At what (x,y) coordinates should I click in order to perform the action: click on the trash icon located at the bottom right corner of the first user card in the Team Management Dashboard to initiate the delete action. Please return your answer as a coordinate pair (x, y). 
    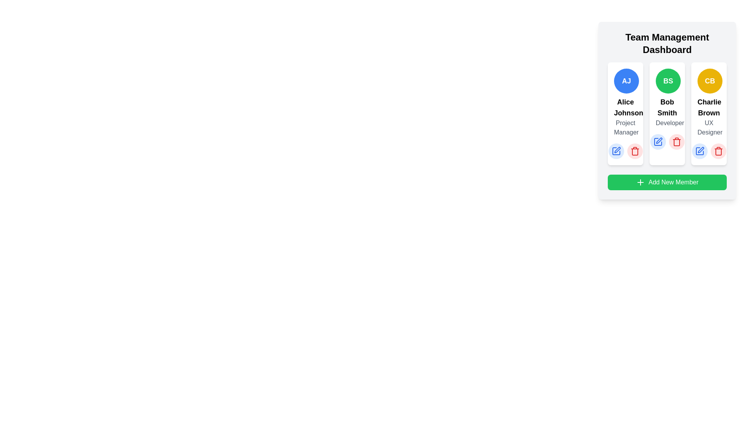
    Looking at the image, I should click on (635, 151).